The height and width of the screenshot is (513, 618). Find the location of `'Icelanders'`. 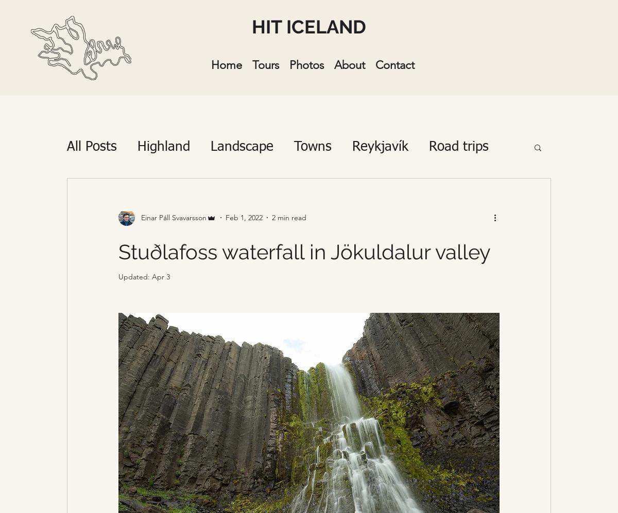

'Icelanders' is located at coordinates (181, 188).